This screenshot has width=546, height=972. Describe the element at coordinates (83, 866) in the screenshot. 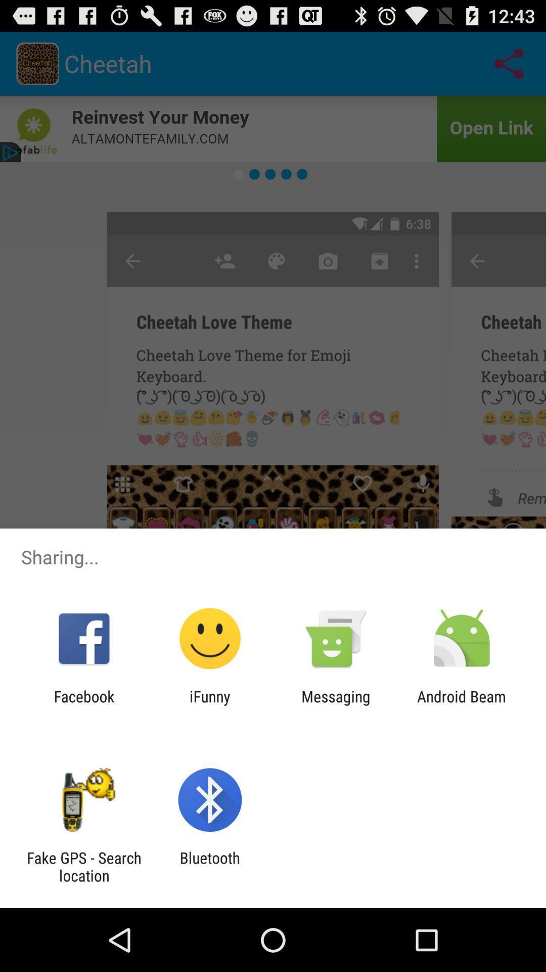

I see `fake gps search icon` at that location.